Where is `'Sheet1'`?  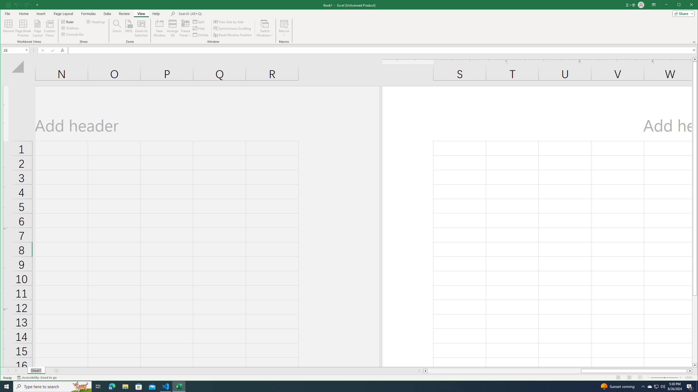 'Sheet1' is located at coordinates (36, 371).